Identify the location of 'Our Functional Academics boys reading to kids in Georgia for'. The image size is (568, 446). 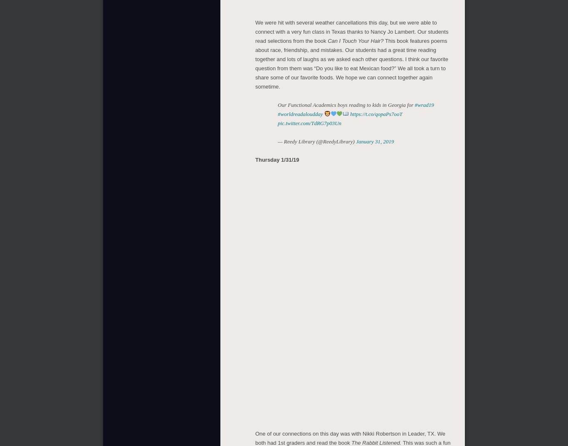
(346, 103).